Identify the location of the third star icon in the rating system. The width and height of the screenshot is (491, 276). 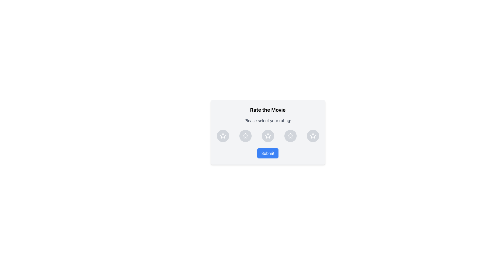
(267, 135).